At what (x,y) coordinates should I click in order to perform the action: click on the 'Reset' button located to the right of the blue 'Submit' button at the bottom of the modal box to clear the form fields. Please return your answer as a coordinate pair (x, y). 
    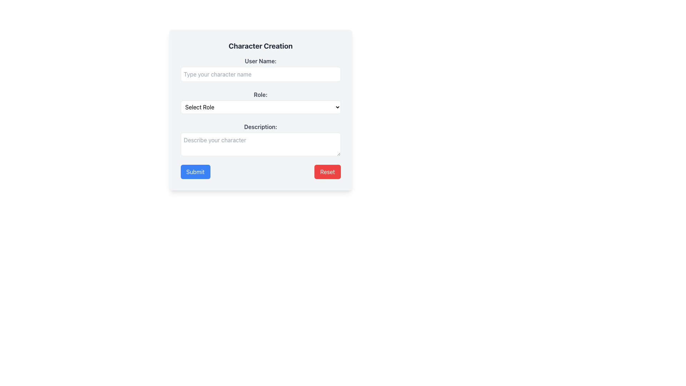
    Looking at the image, I should click on (327, 172).